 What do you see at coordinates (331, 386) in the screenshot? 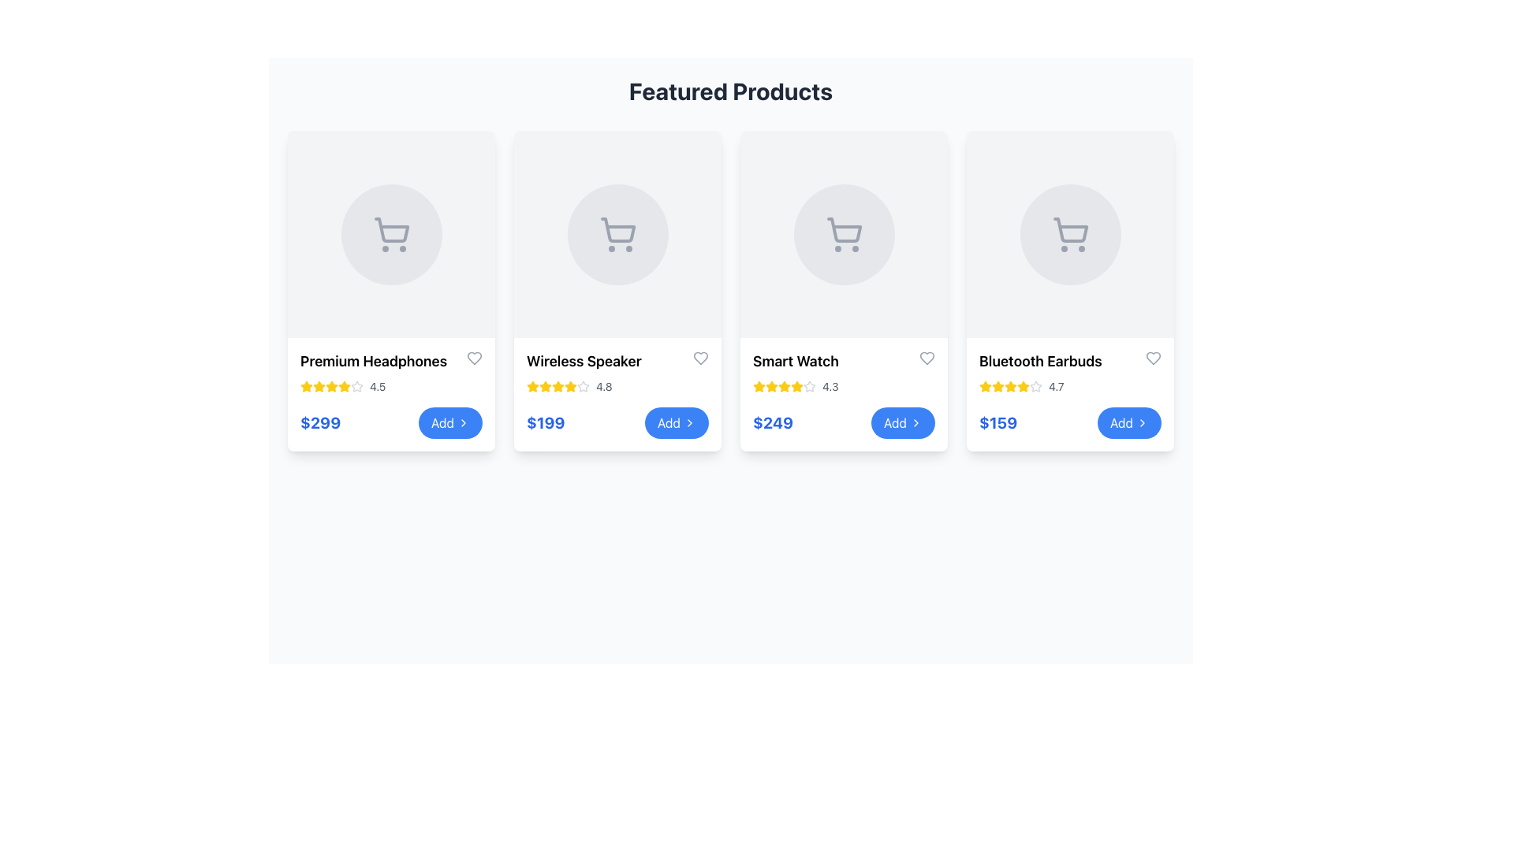
I see `the third star icon in the five-star rating display for the 'Premium Headphones' product in the 'Featured Products' list` at bounding box center [331, 386].